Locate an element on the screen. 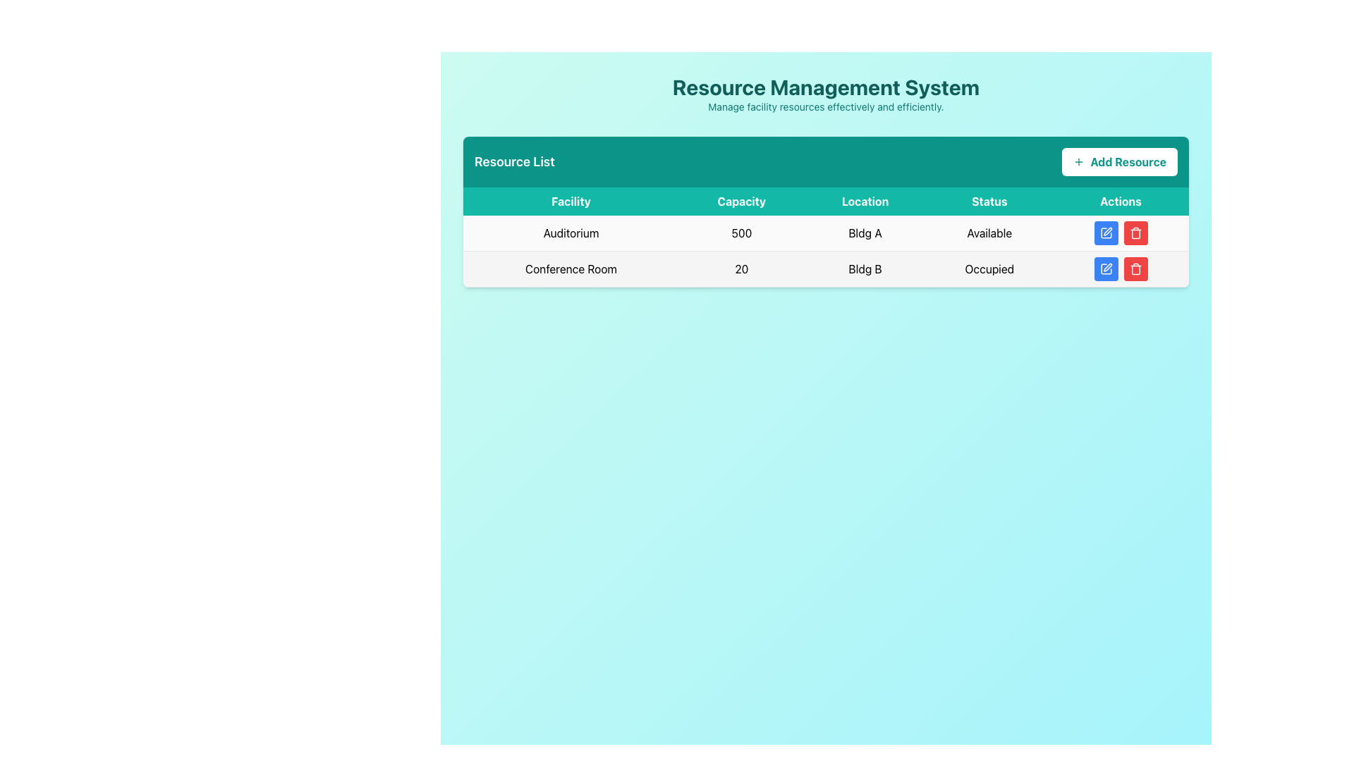 This screenshot has height=761, width=1354. the red square delete button with a trash can symbol in the 'Actions' column of the resource table for the 'Conference Room' entry is located at coordinates (1135, 233).